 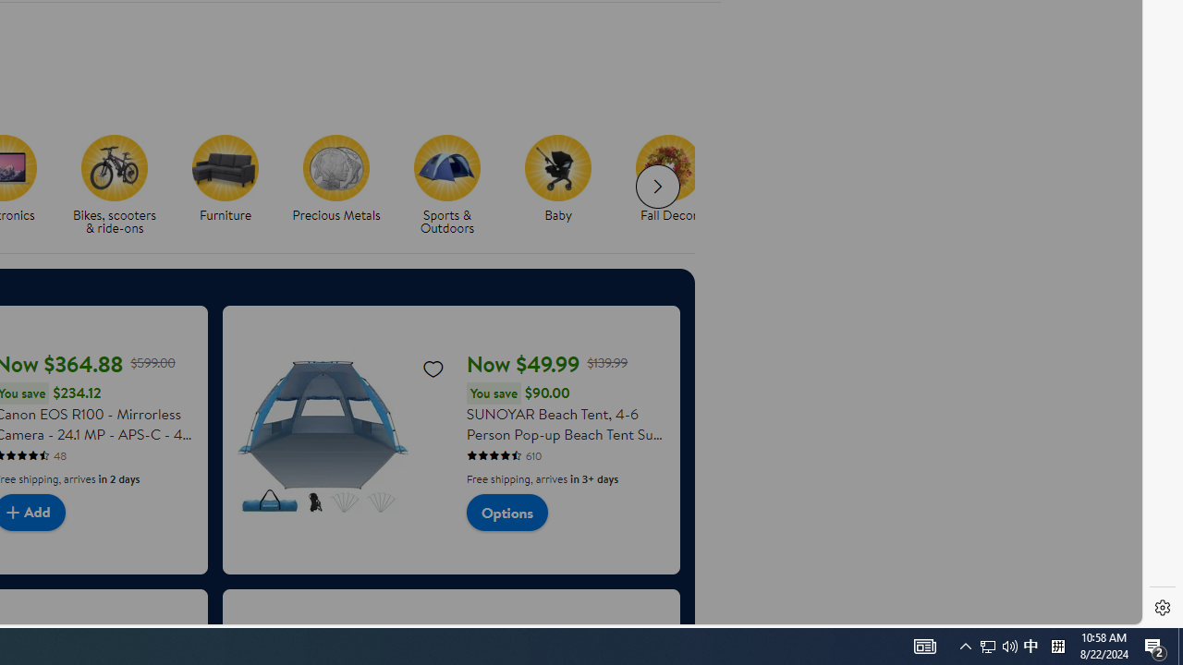 I want to click on 'Precious Metals', so click(x=344, y=186).